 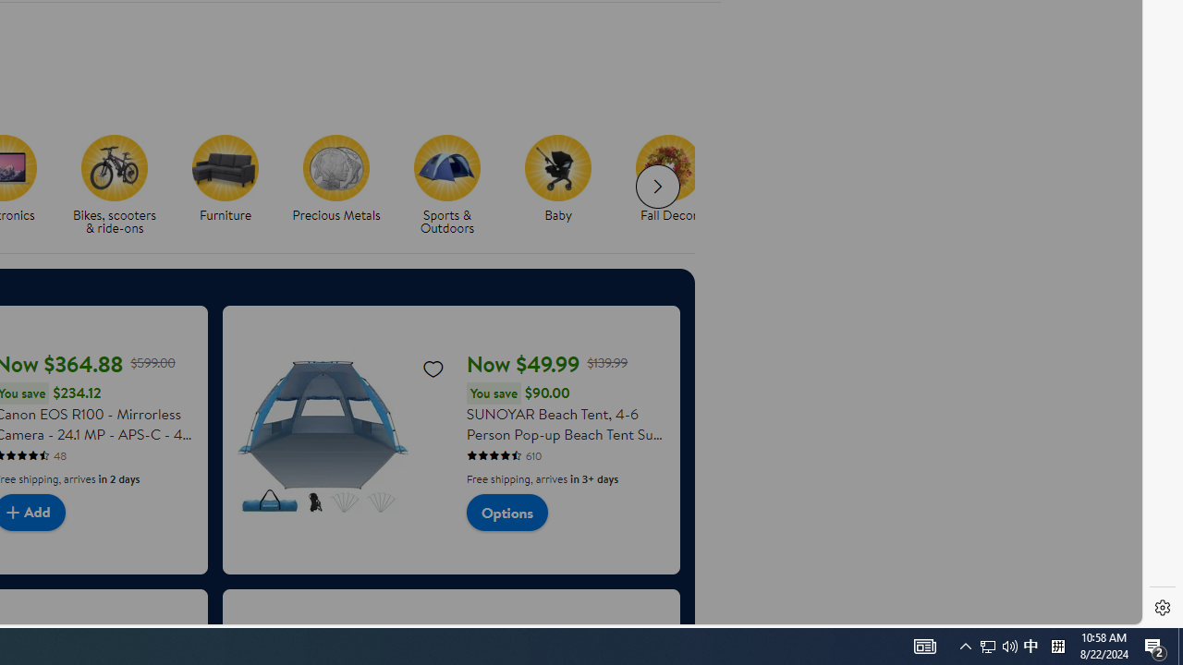 I want to click on 'Precious Metals', so click(x=344, y=186).